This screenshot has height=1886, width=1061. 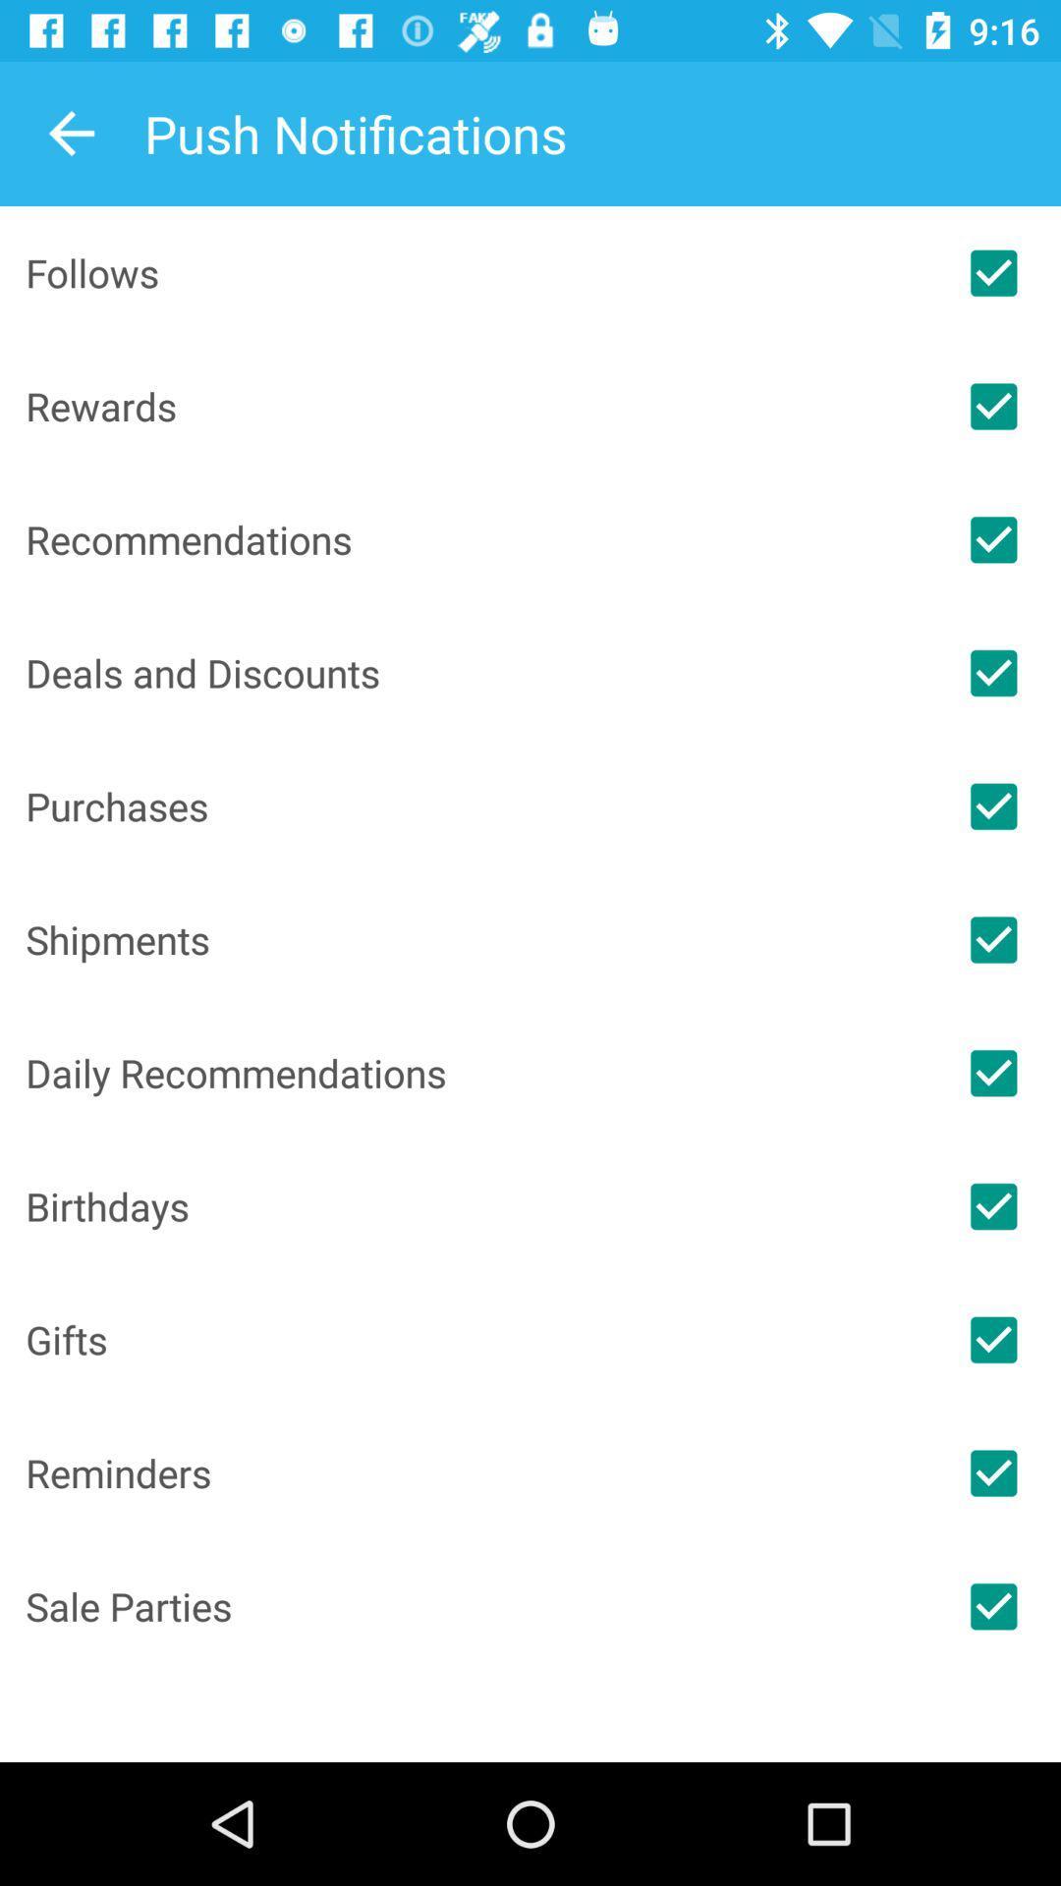 What do you see at coordinates (475, 271) in the screenshot?
I see `the item above the rewards` at bounding box center [475, 271].